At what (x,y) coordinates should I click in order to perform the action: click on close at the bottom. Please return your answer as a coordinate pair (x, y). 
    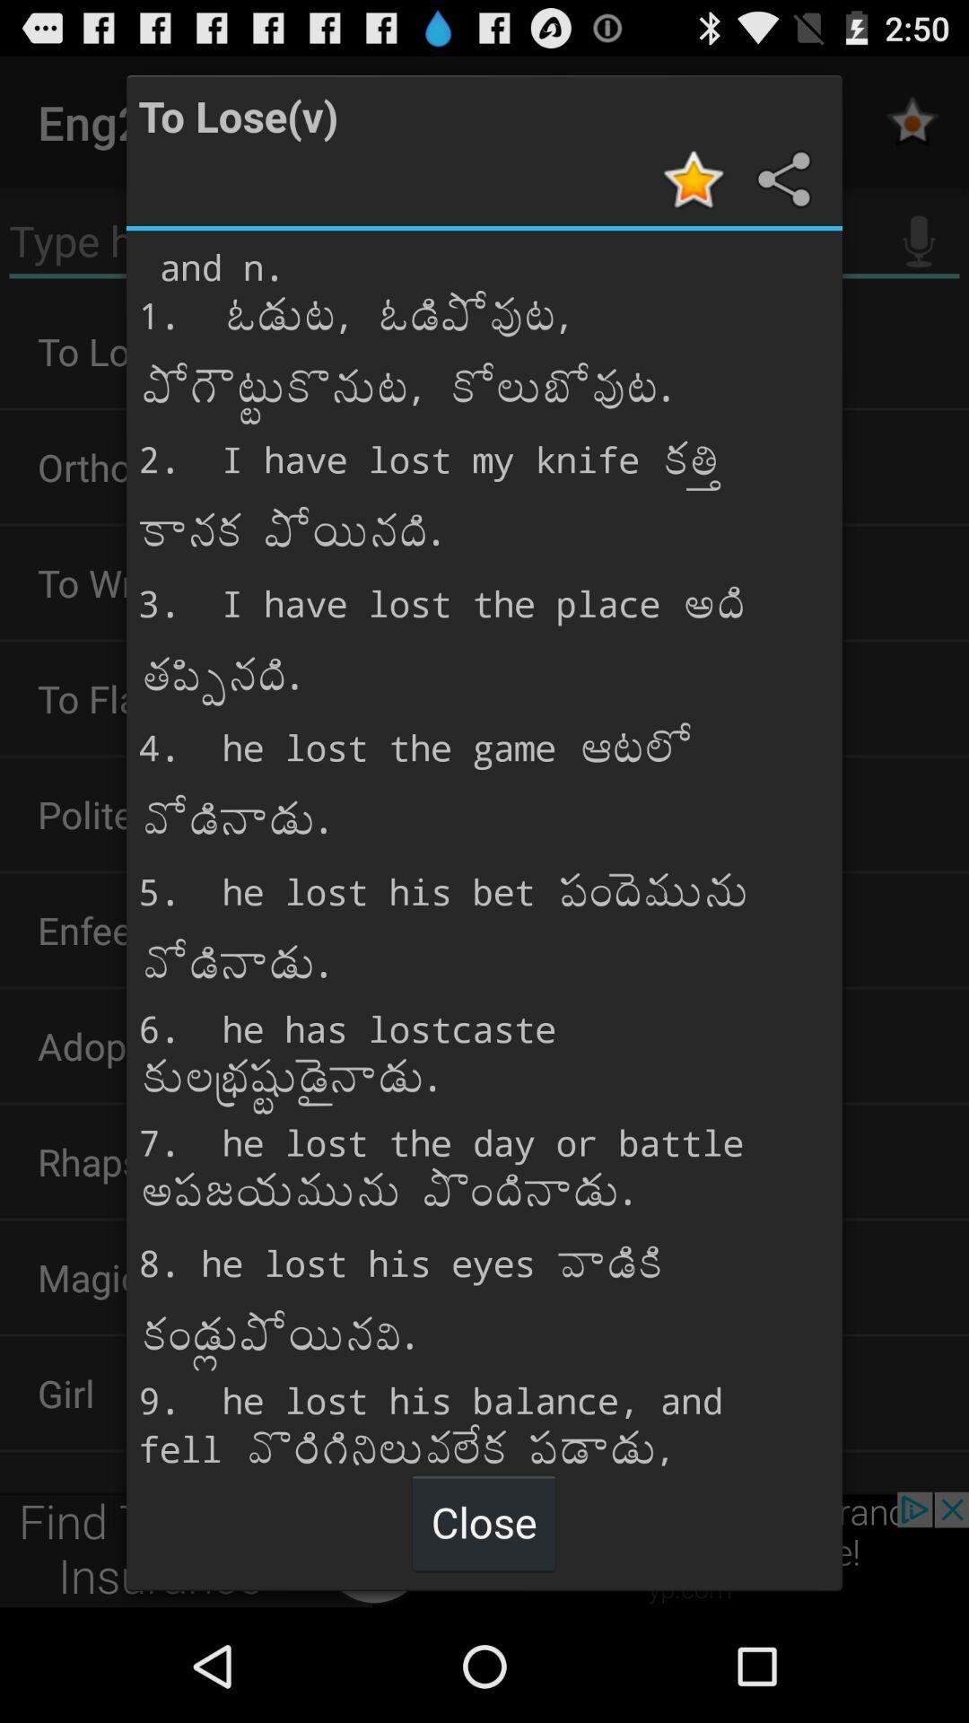
    Looking at the image, I should click on (483, 1521).